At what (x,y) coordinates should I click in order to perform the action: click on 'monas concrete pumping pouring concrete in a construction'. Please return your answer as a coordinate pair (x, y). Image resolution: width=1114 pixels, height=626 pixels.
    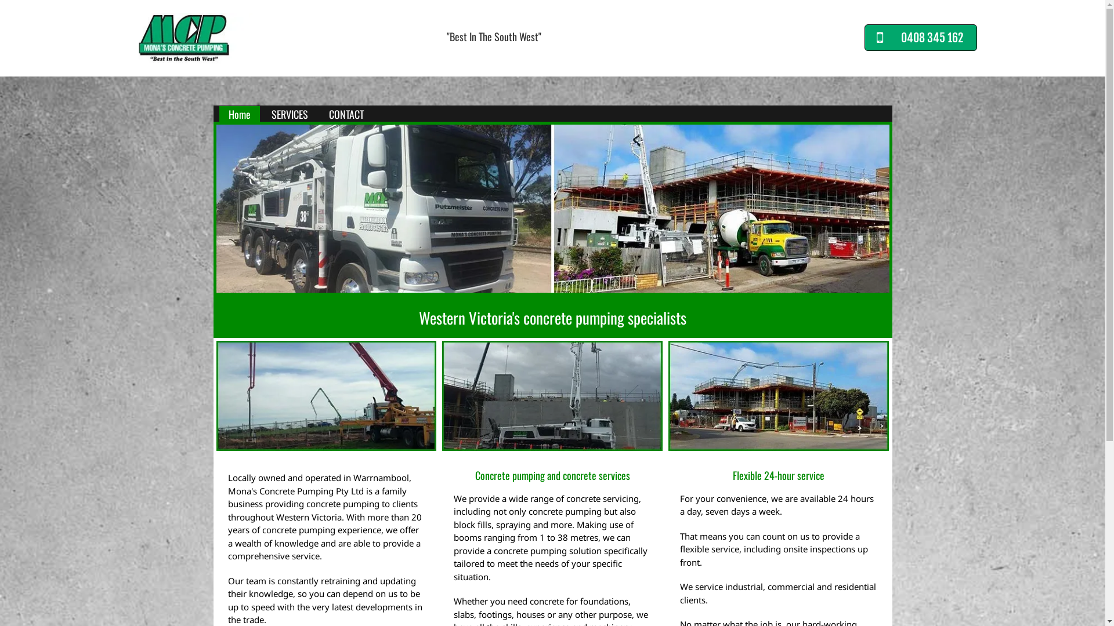
    Looking at the image, I should click on (779, 395).